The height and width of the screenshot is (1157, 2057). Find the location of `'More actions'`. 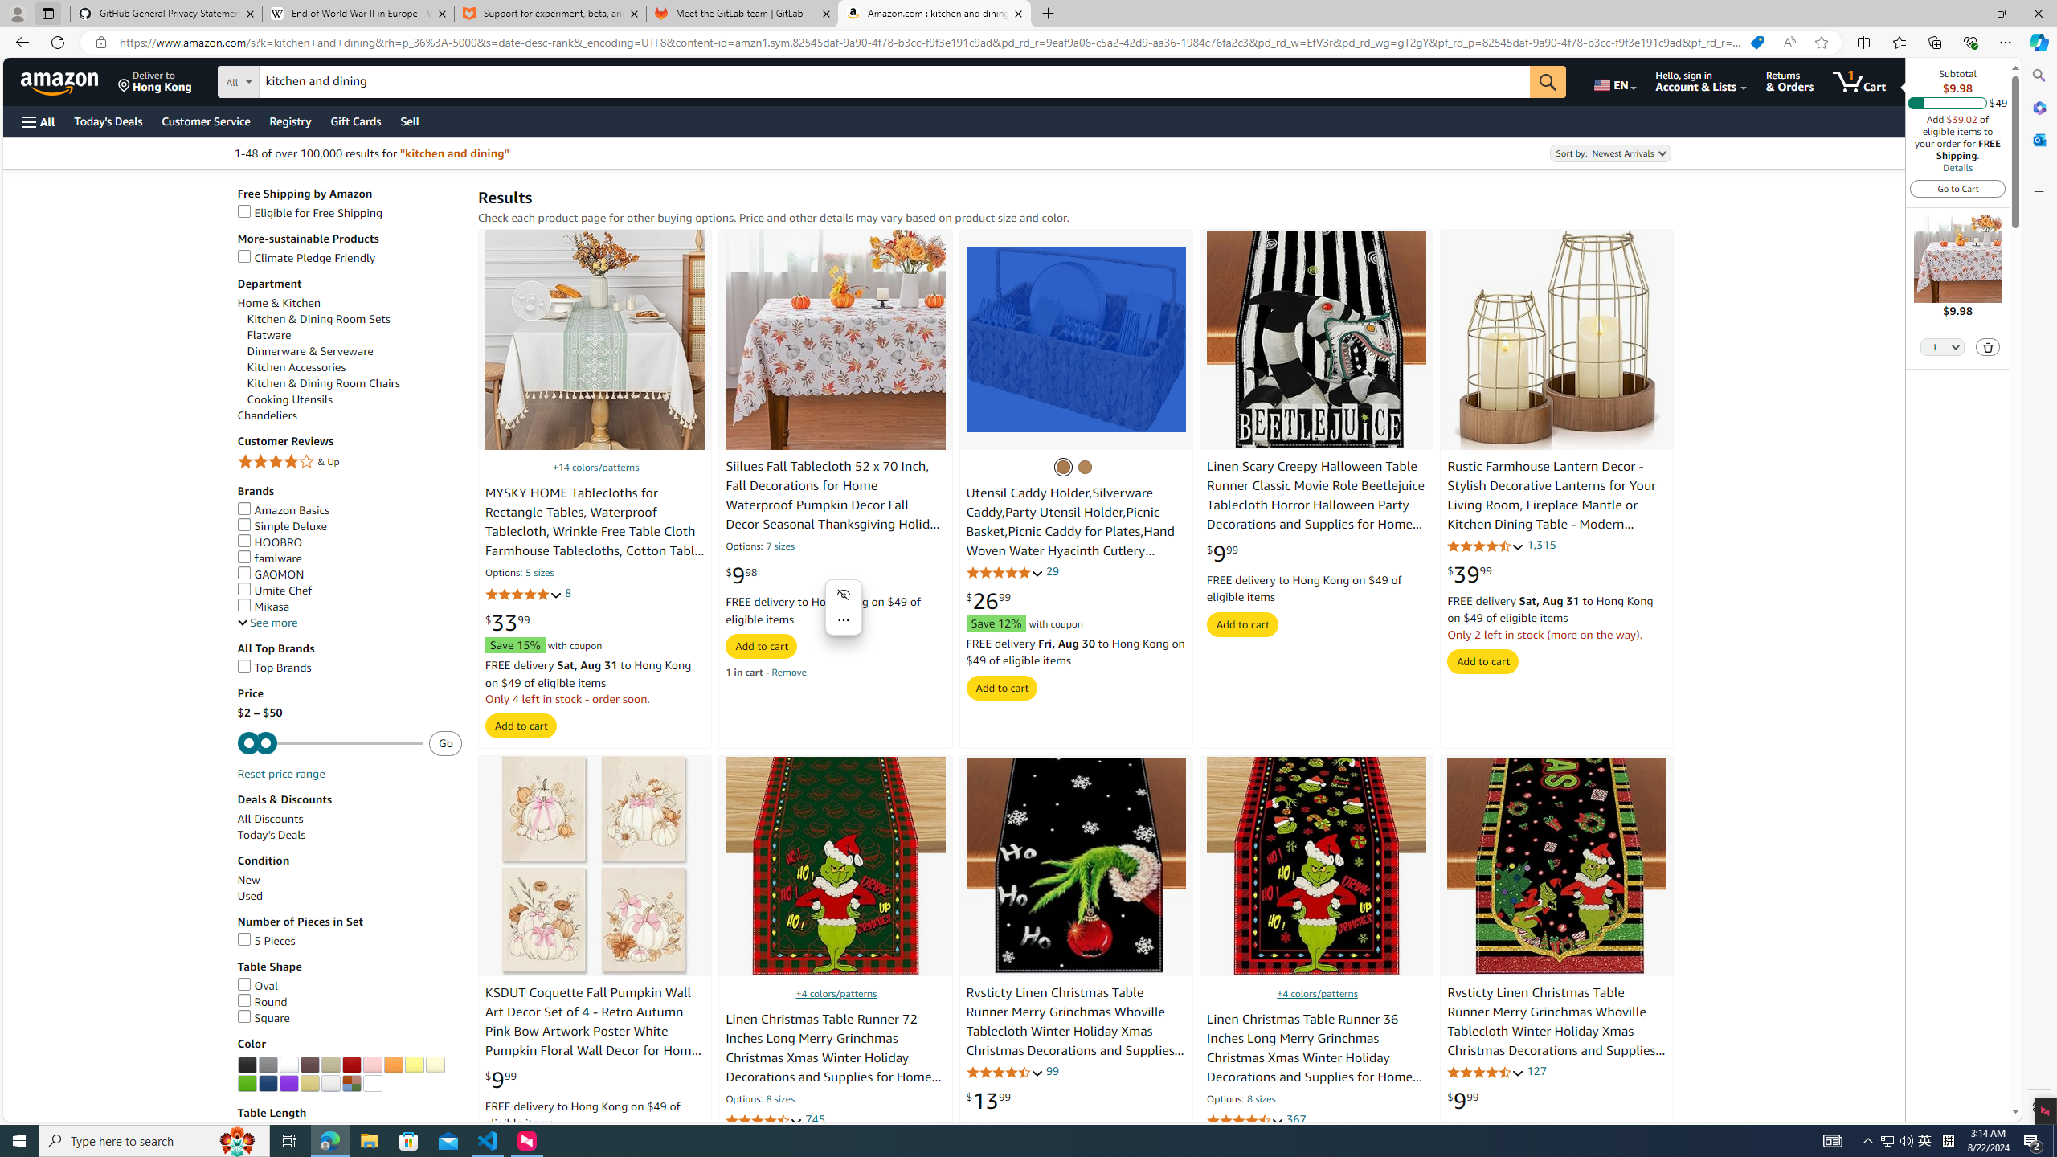

'More actions' is located at coordinates (843, 619).